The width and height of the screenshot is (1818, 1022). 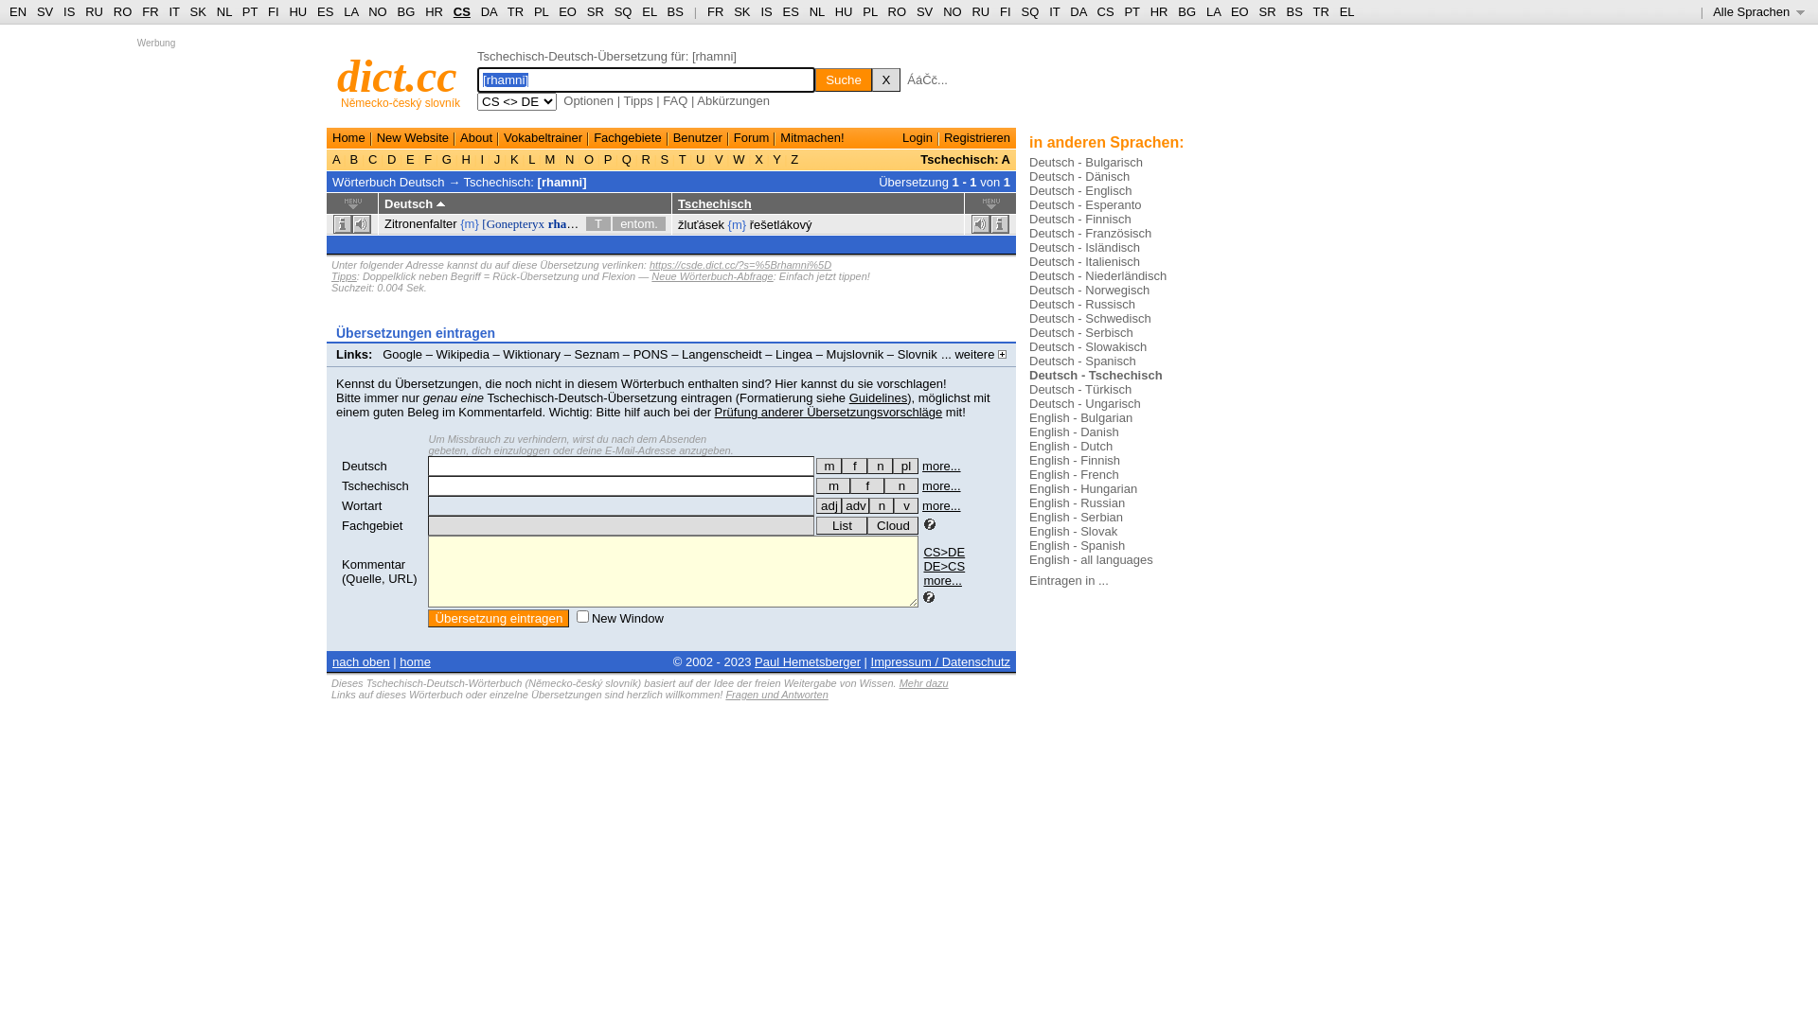 What do you see at coordinates (1080, 218) in the screenshot?
I see `'Deutsch - Finnisch'` at bounding box center [1080, 218].